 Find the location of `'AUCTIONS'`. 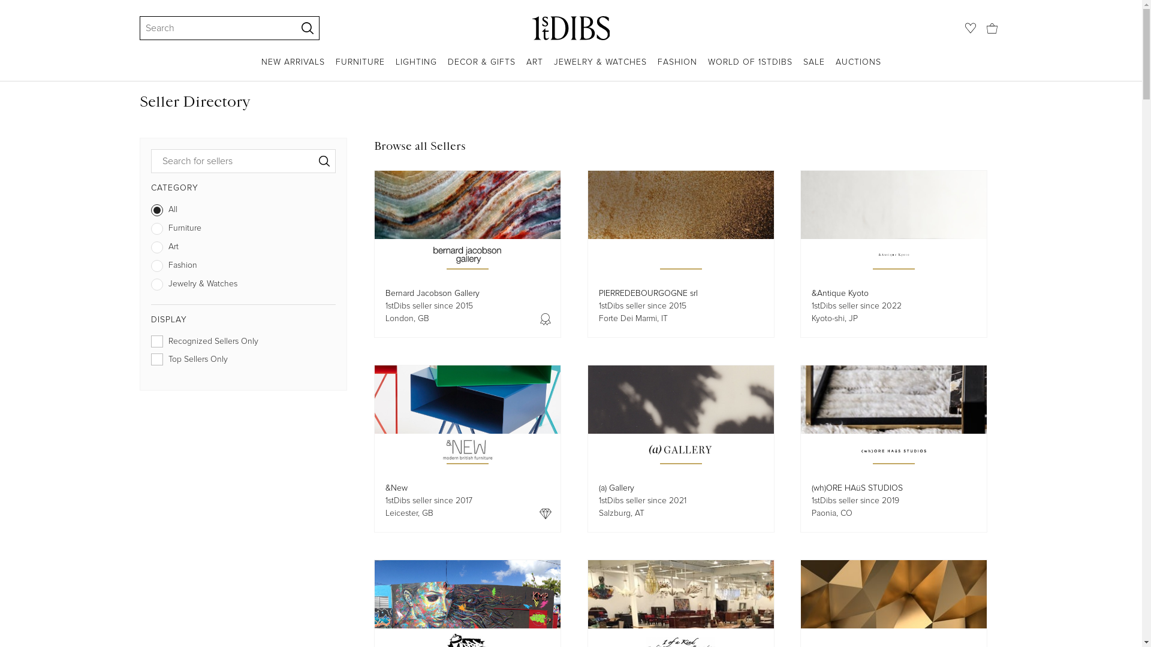

'AUCTIONS' is located at coordinates (857, 68).